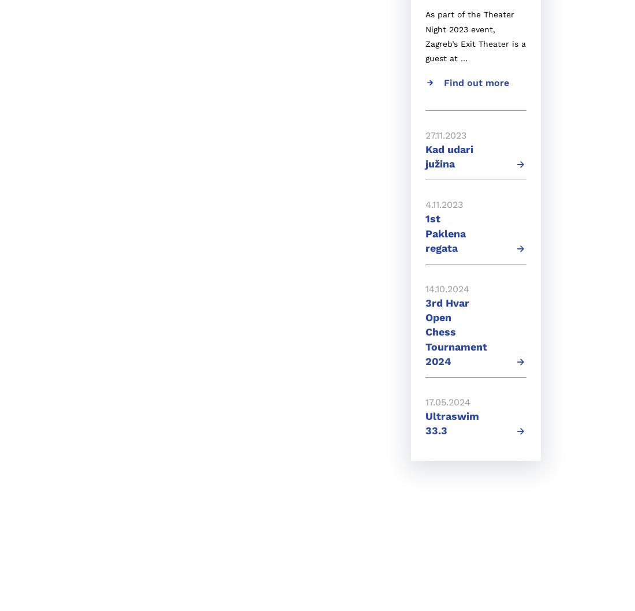 The width and height of the screenshot is (635, 611). What do you see at coordinates (476, 36) in the screenshot?
I see `'As part of the Theater Night 2023 event, Zagreb’s Exit Theater is a guest at …'` at bounding box center [476, 36].